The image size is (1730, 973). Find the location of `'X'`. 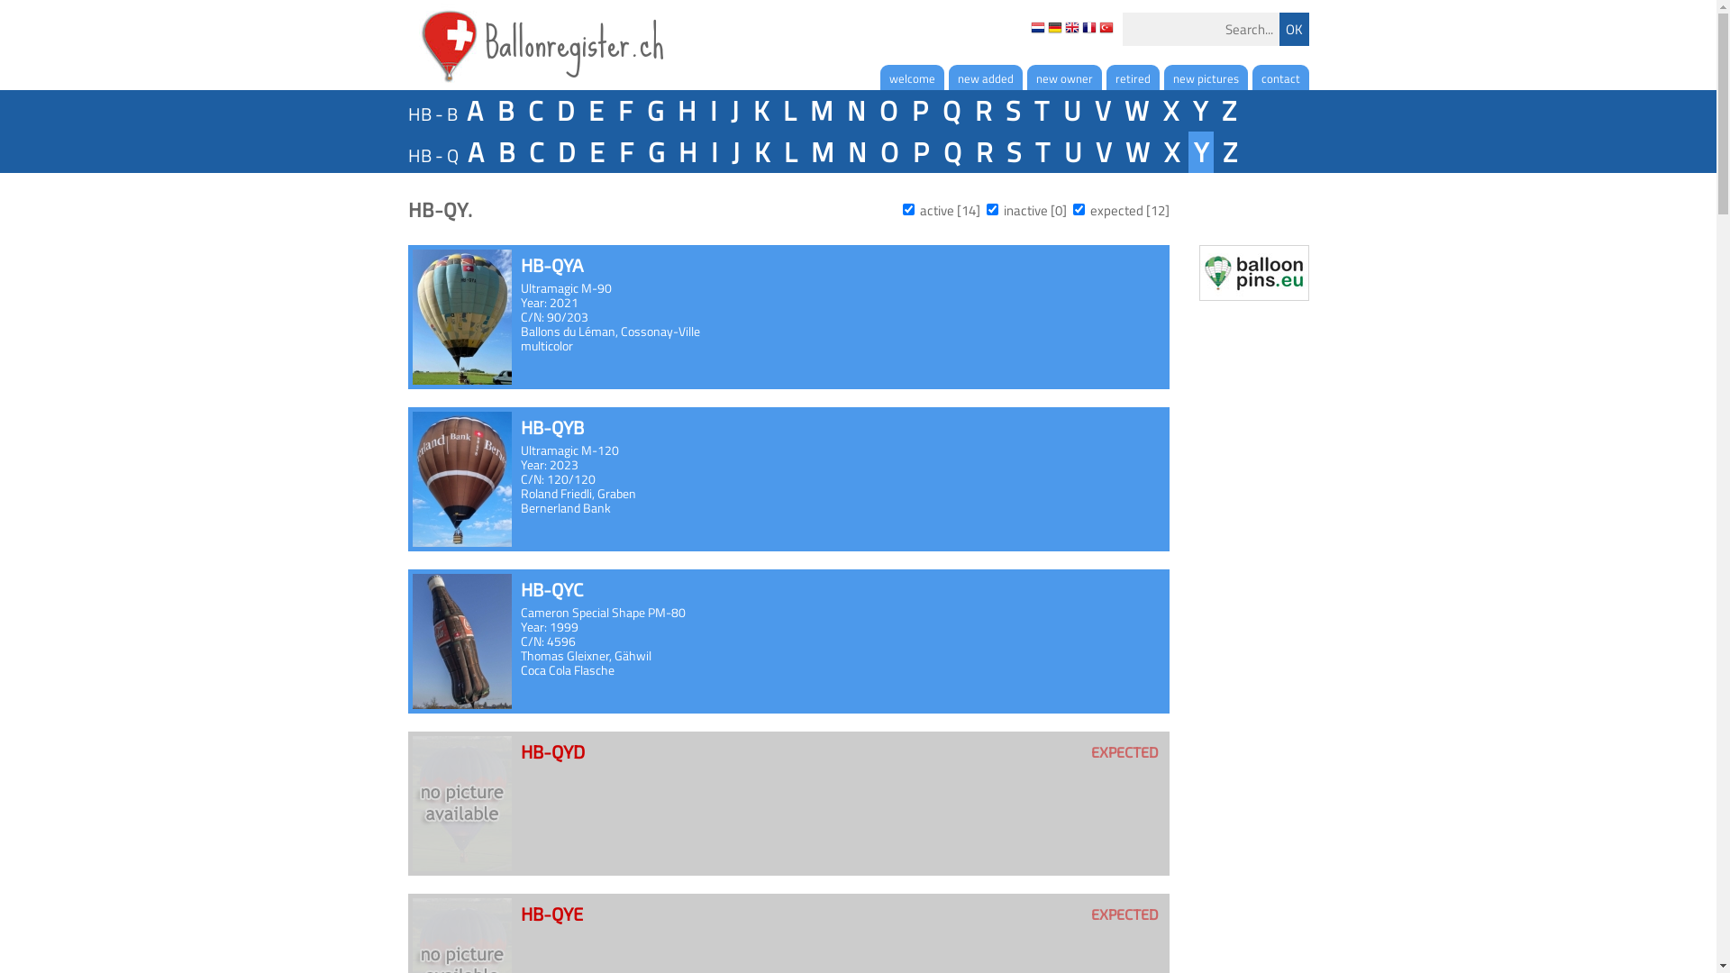

'X' is located at coordinates (1171, 151).